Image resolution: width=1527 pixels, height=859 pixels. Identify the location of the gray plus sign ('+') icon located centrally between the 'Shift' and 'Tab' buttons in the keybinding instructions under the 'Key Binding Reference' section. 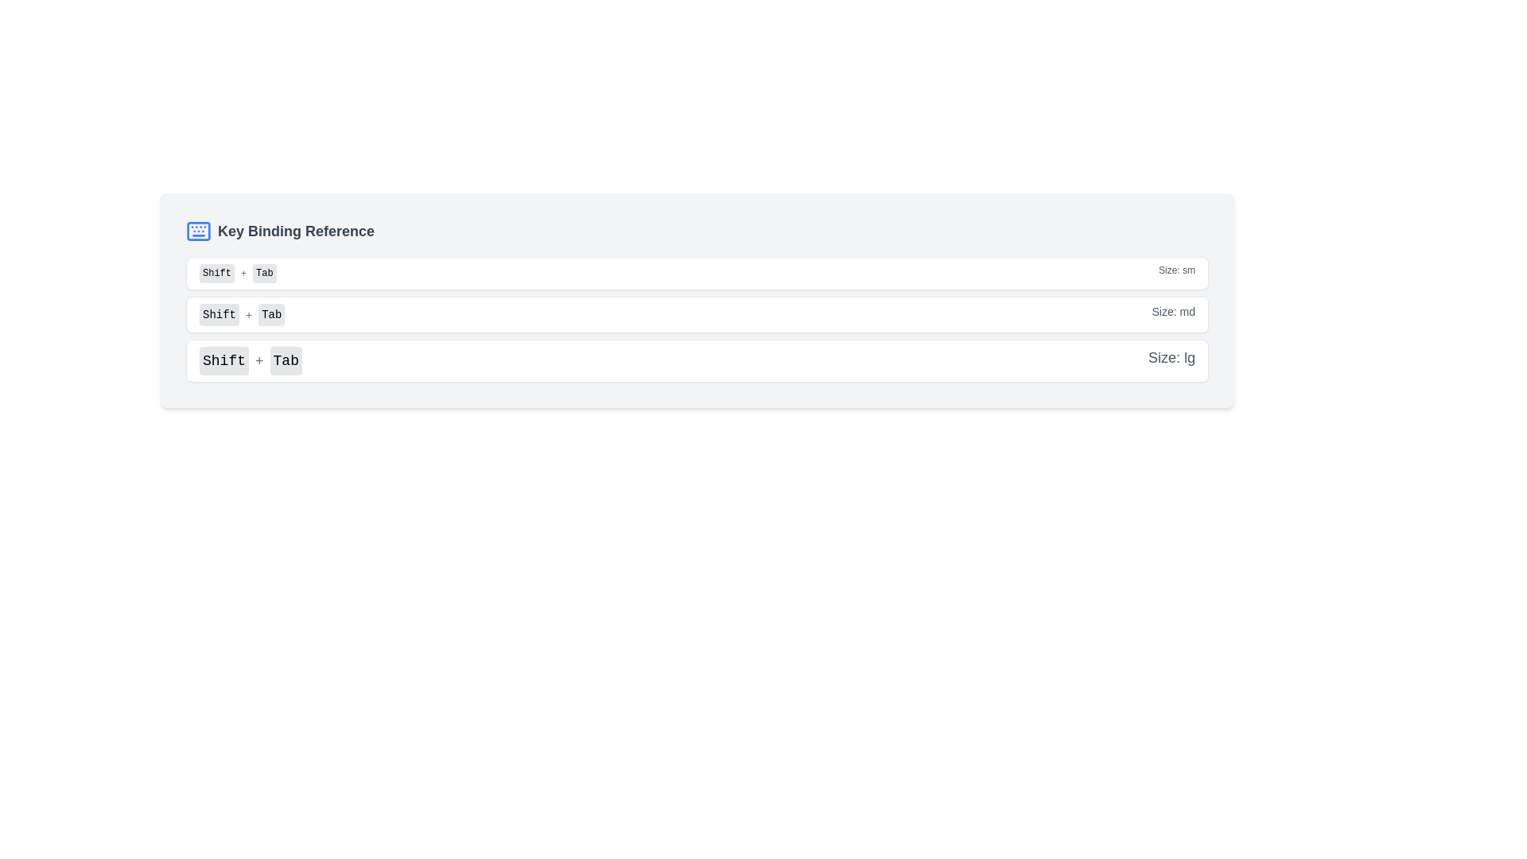
(243, 272).